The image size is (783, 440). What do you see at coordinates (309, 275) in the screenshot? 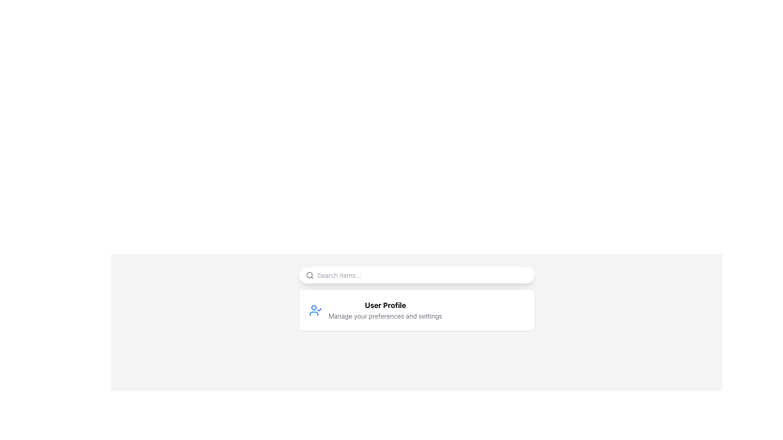
I see `the search icon, which is a magnifying glass outline located at the start of the horizontal search bar, to initiate a search` at bounding box center [309, 275].